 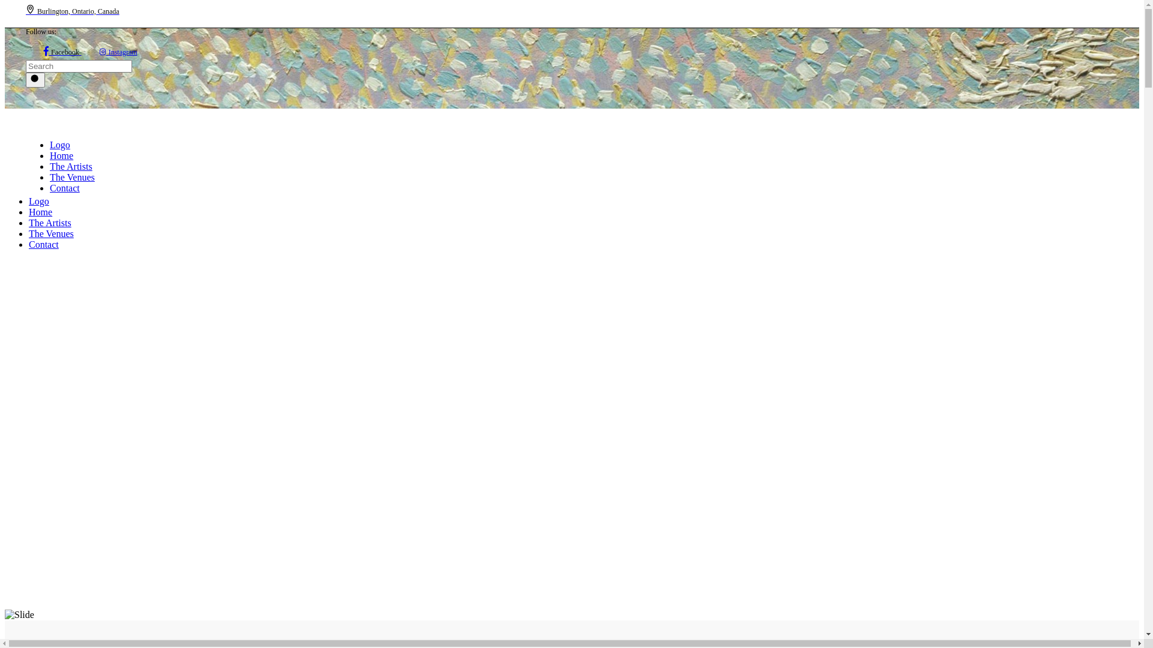 I want to click on 'Logo', so click(x=104, y=144).